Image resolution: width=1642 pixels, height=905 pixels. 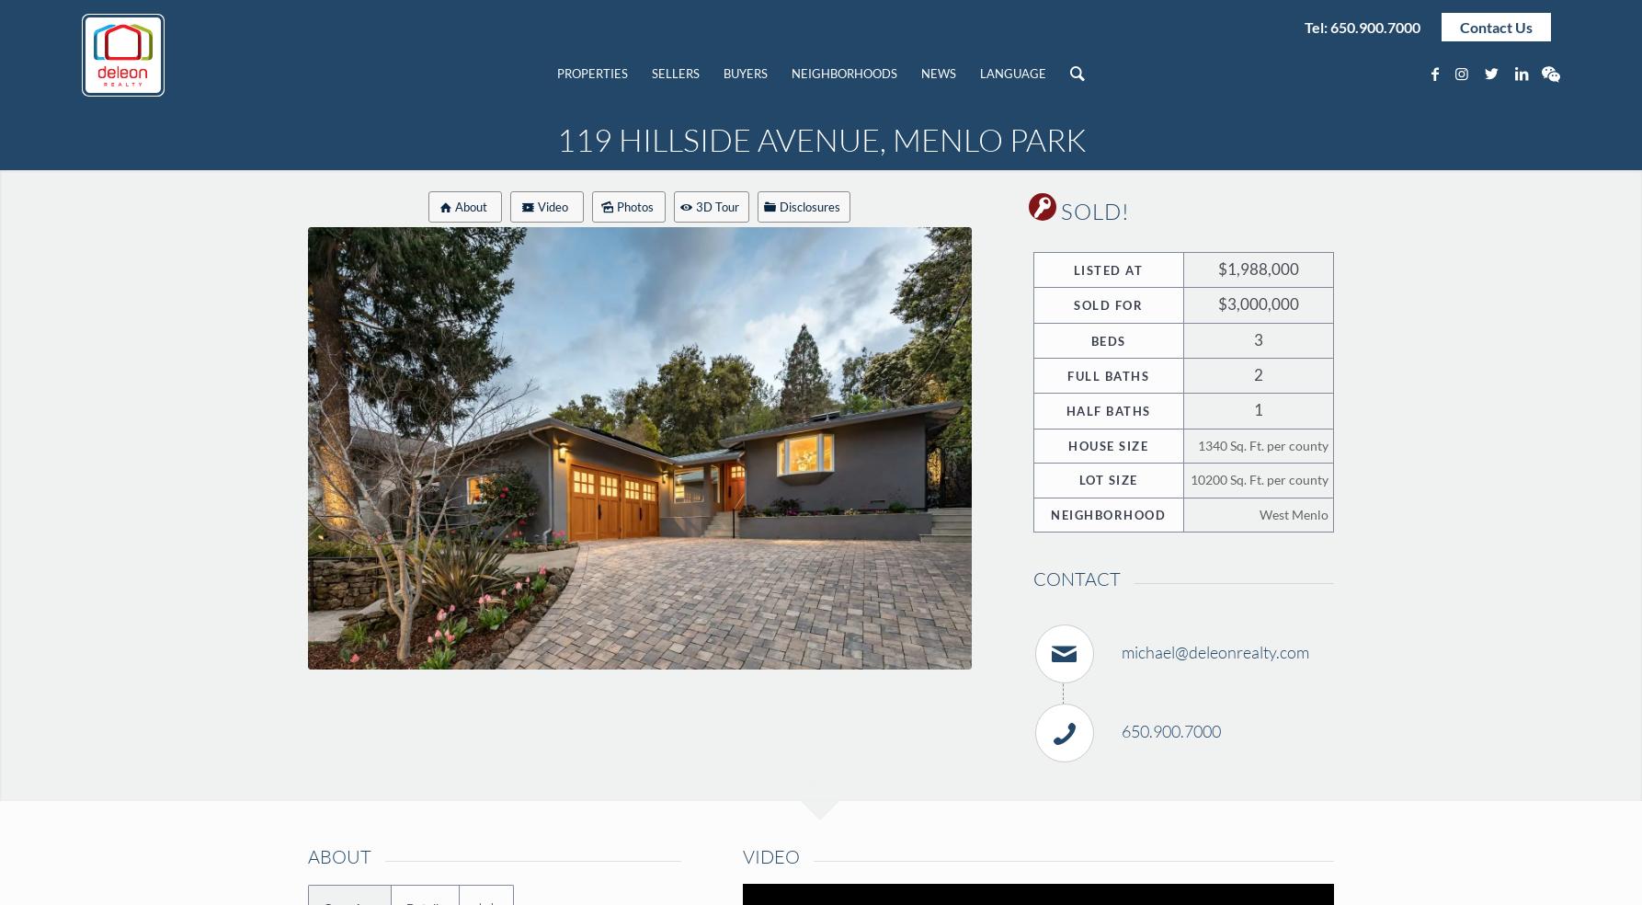 What do you see at coordinates (1360, 26) in the screenshot?
I see `'Tel: 650.900.7000'` at bounding box center [1360, 26].